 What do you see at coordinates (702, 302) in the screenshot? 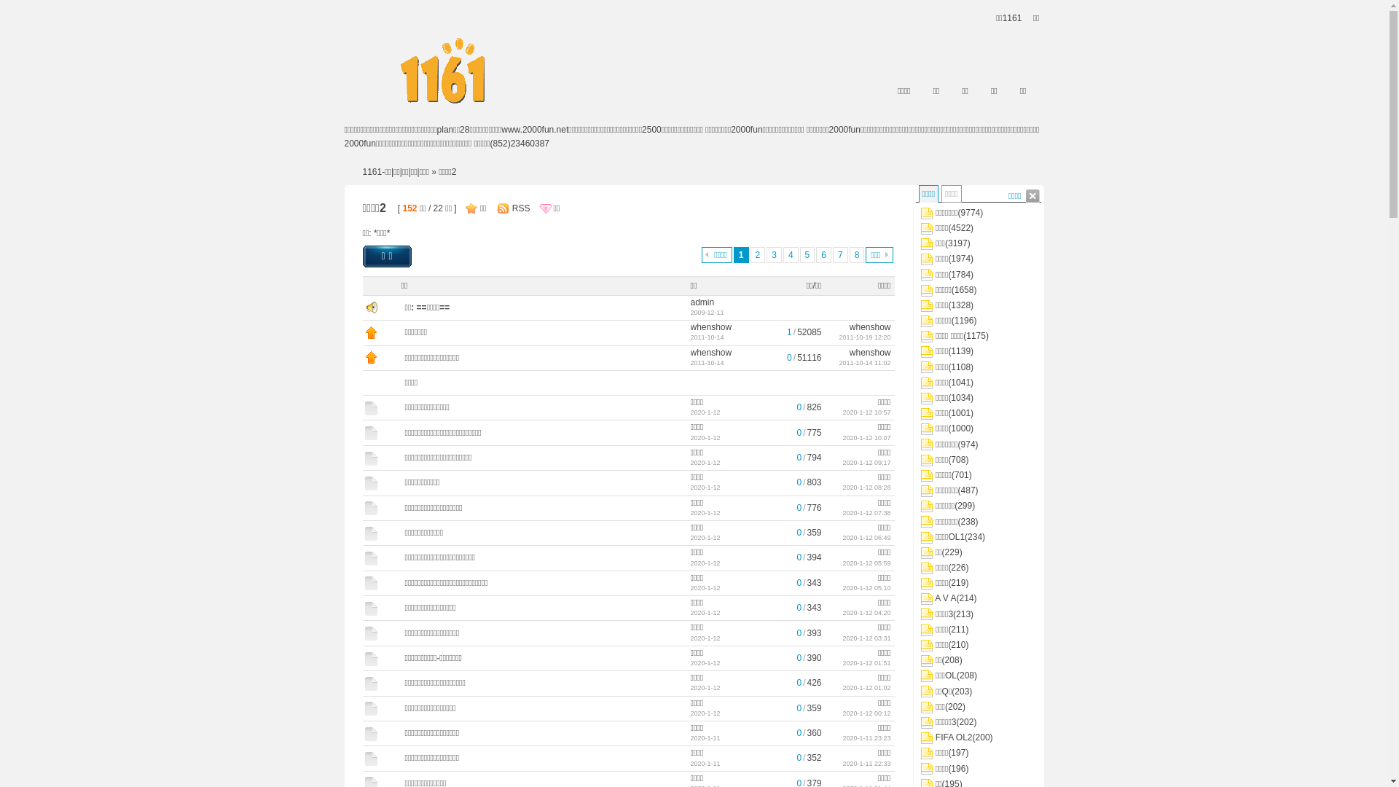
I see `'admin'` at bounding box center [702, 302].